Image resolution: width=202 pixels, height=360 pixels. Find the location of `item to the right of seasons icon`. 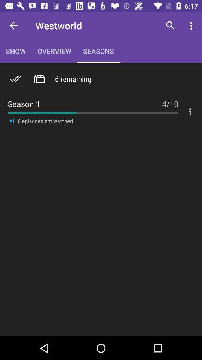

item to the right of seasons icon is located at coordinates (170, 25).